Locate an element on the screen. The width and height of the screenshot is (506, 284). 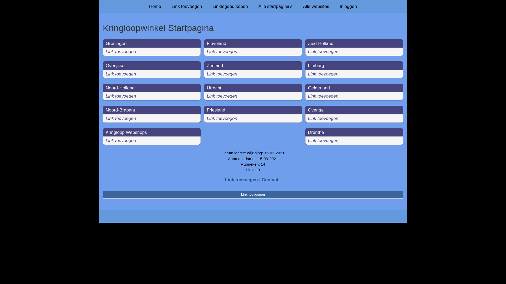
'Alle websites' is located at coordinates (316, 6).